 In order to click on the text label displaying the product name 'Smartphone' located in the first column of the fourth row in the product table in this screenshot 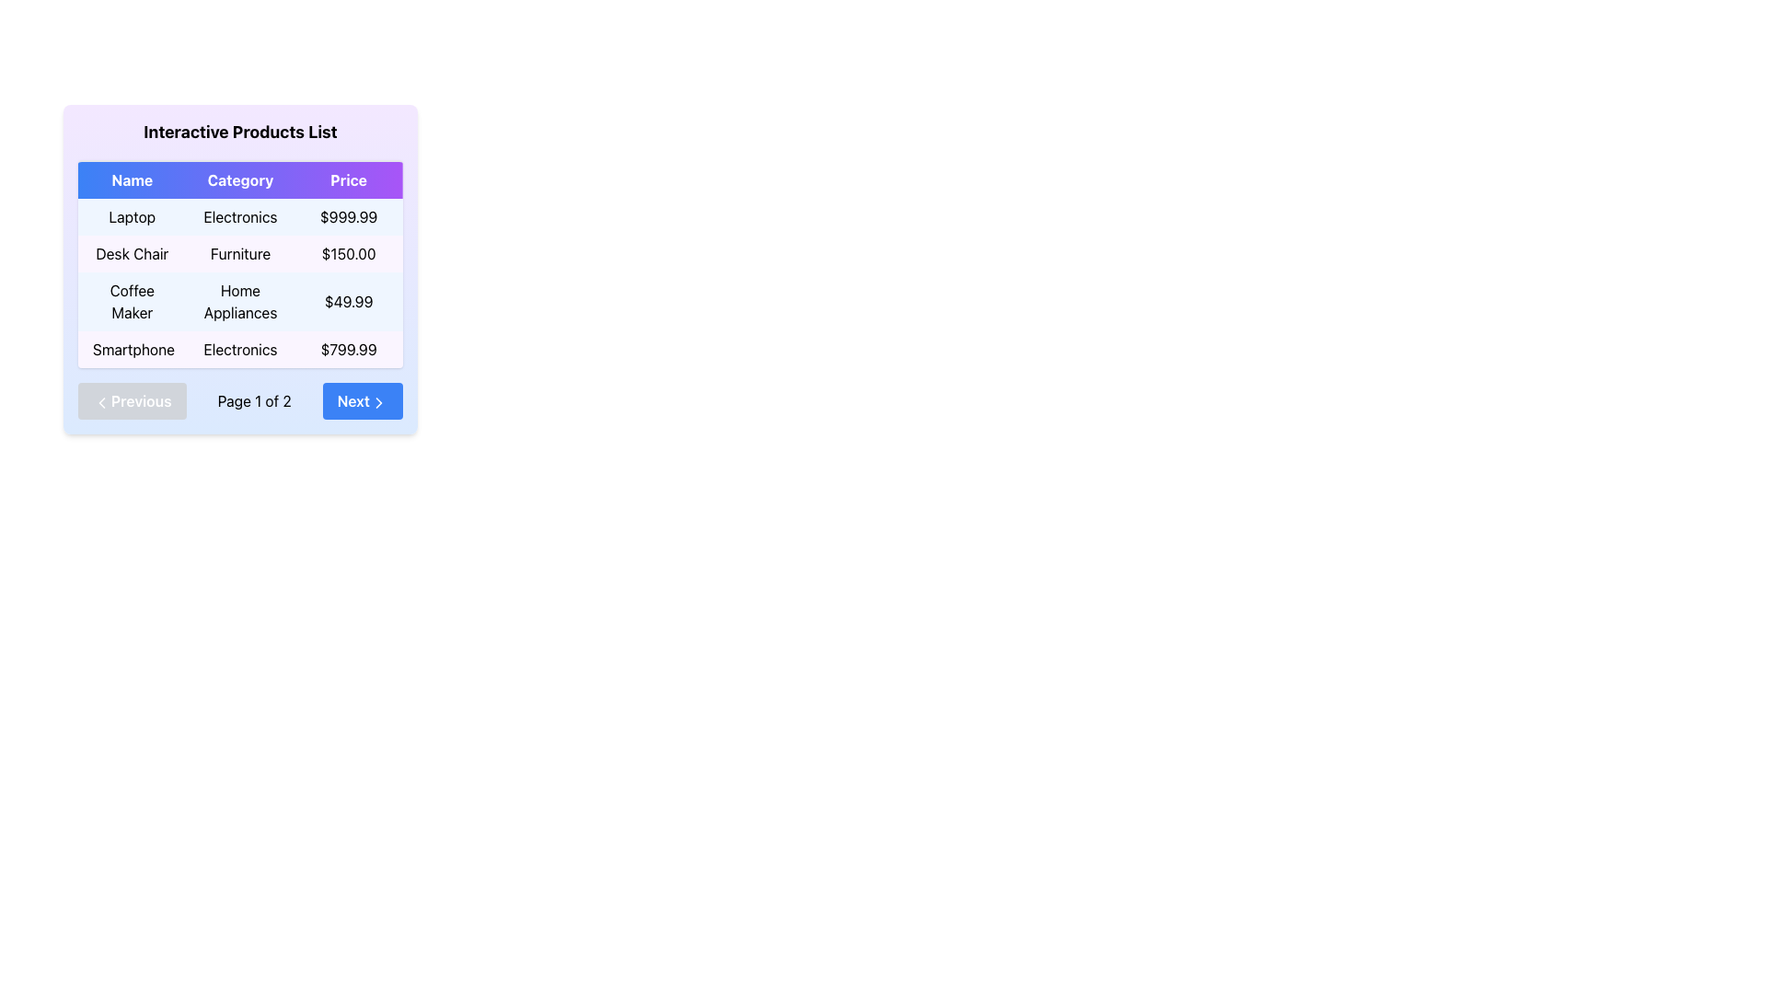, I will do `click(131, 350)`.